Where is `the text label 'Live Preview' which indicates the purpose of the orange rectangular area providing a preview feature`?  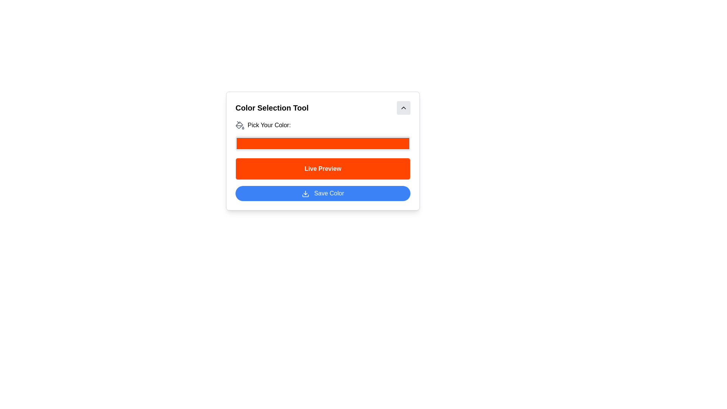 the text label 'Live Preview' which indicates the purpose of the orange rectangular area providing a preview feature is located at coordinates (323, 169).